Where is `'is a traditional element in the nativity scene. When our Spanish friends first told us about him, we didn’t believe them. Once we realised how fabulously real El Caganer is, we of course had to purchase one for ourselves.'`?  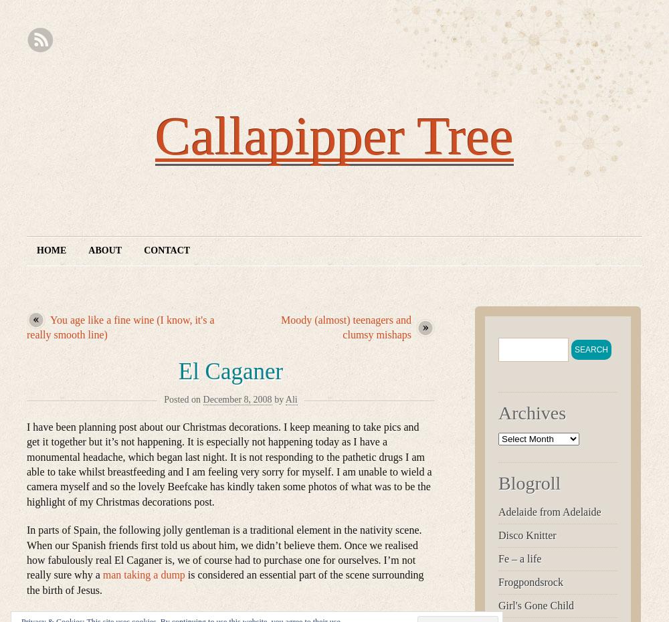
'is a traditional element in the nativity scene. When our Spanish friends first told us about him, we didn’t believe them. Once we realised how fabulously real El Caganer is, we of course had to purchase one for ourselves.' is located at coordinates (223, 544).